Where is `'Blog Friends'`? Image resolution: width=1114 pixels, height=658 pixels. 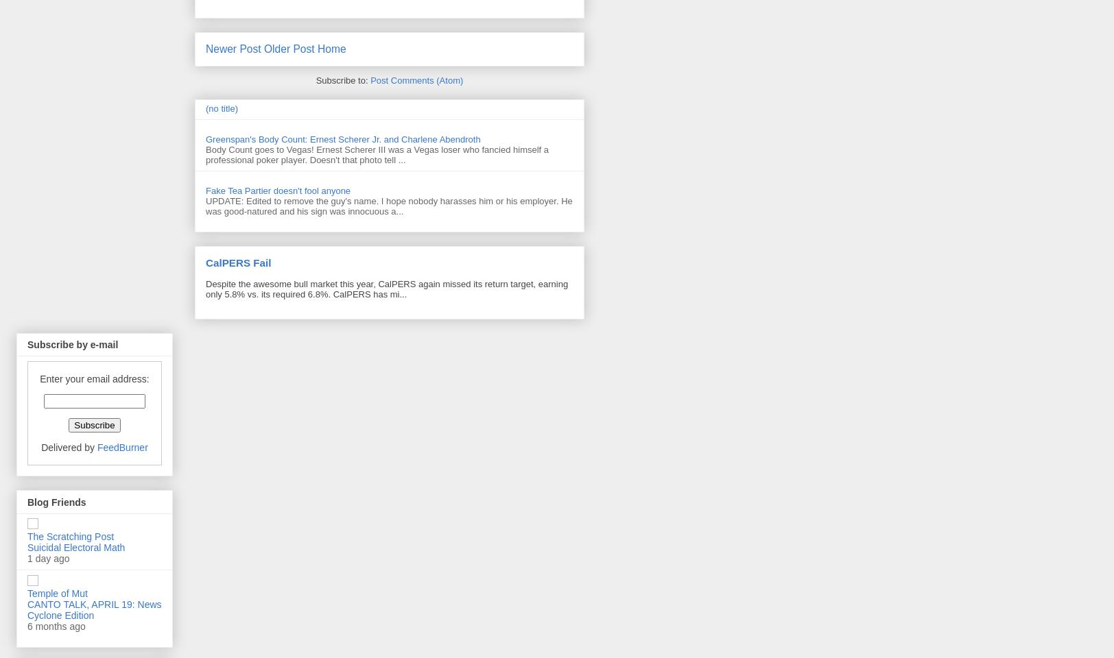
'Blog Friends' is located at coordinates (56, 501).